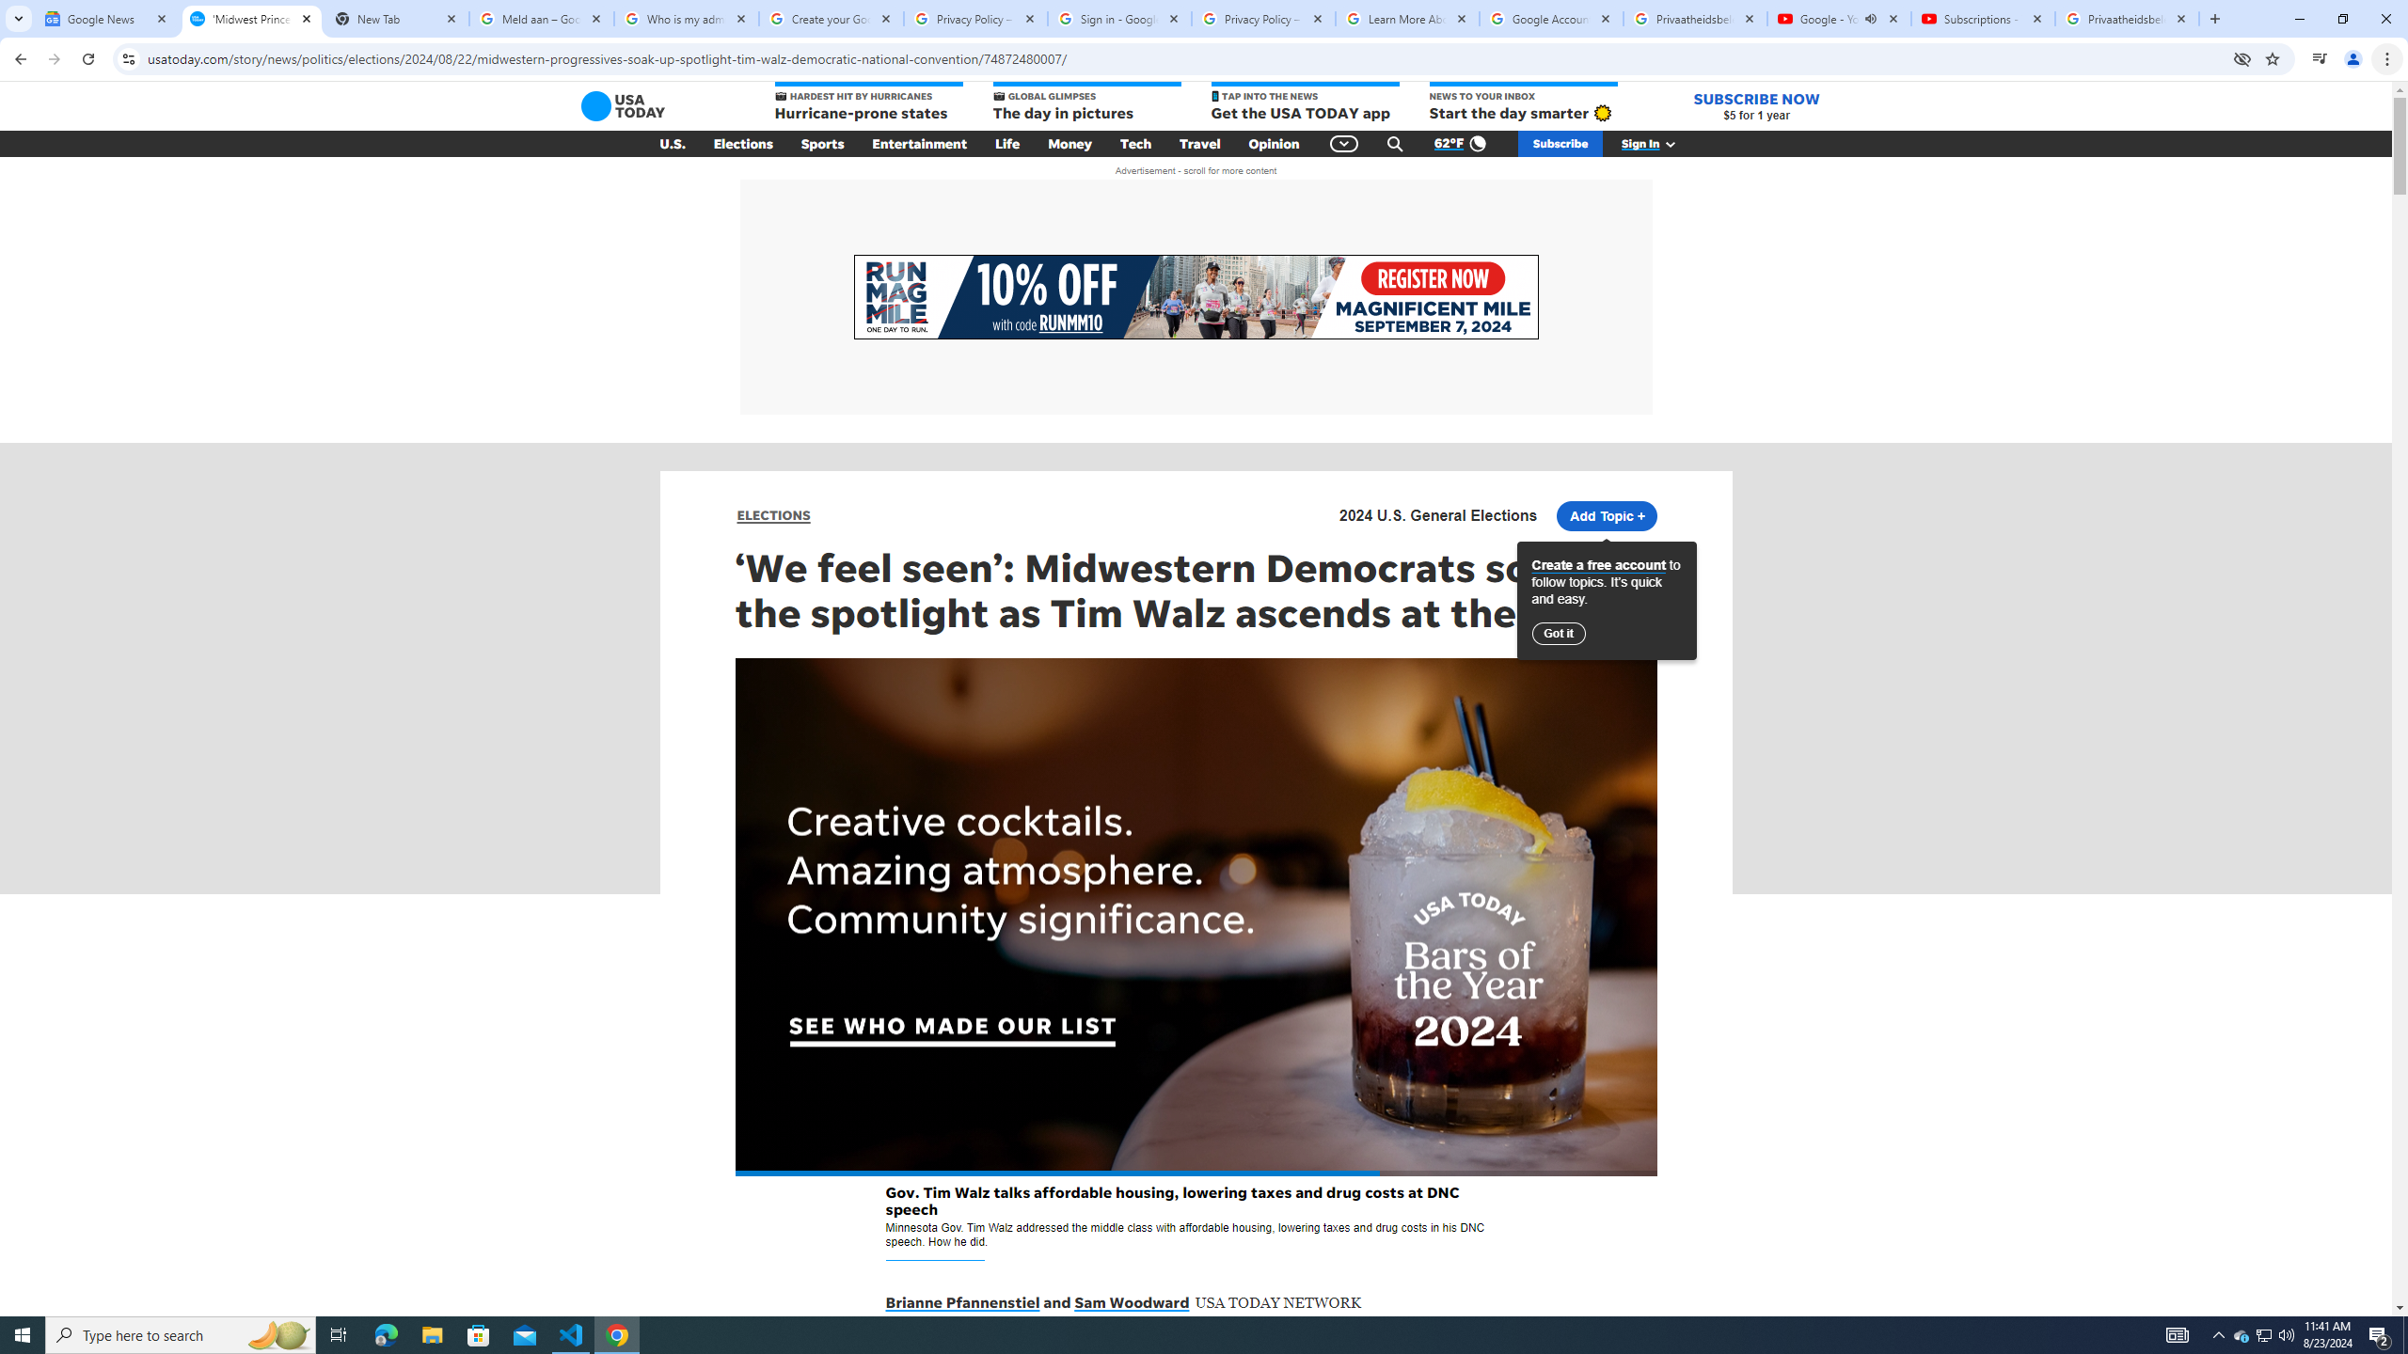 The image size is (2408, 1354). I want to click on 'SUBSCRIBE NOW $5 for 1 year', so click(1756, 105).